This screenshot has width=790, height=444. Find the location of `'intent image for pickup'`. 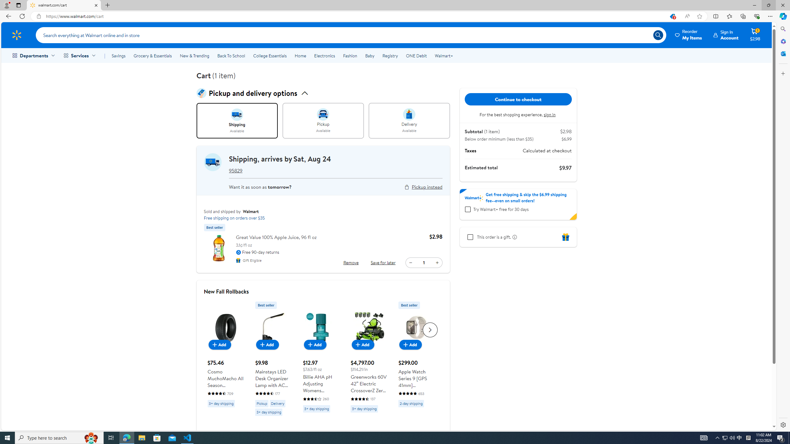

'intent image for pickup' is located at coordinates (323, 114).